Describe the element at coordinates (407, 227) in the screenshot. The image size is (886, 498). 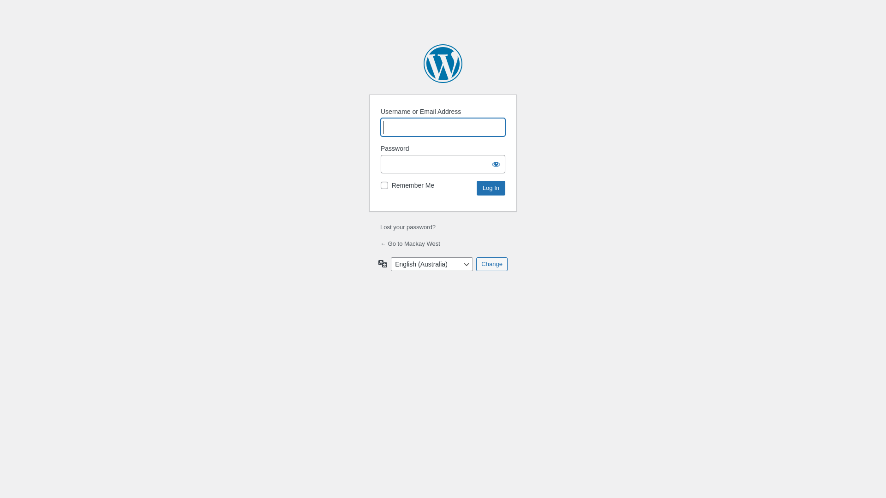
I see `'Lost your password?'` at that location.